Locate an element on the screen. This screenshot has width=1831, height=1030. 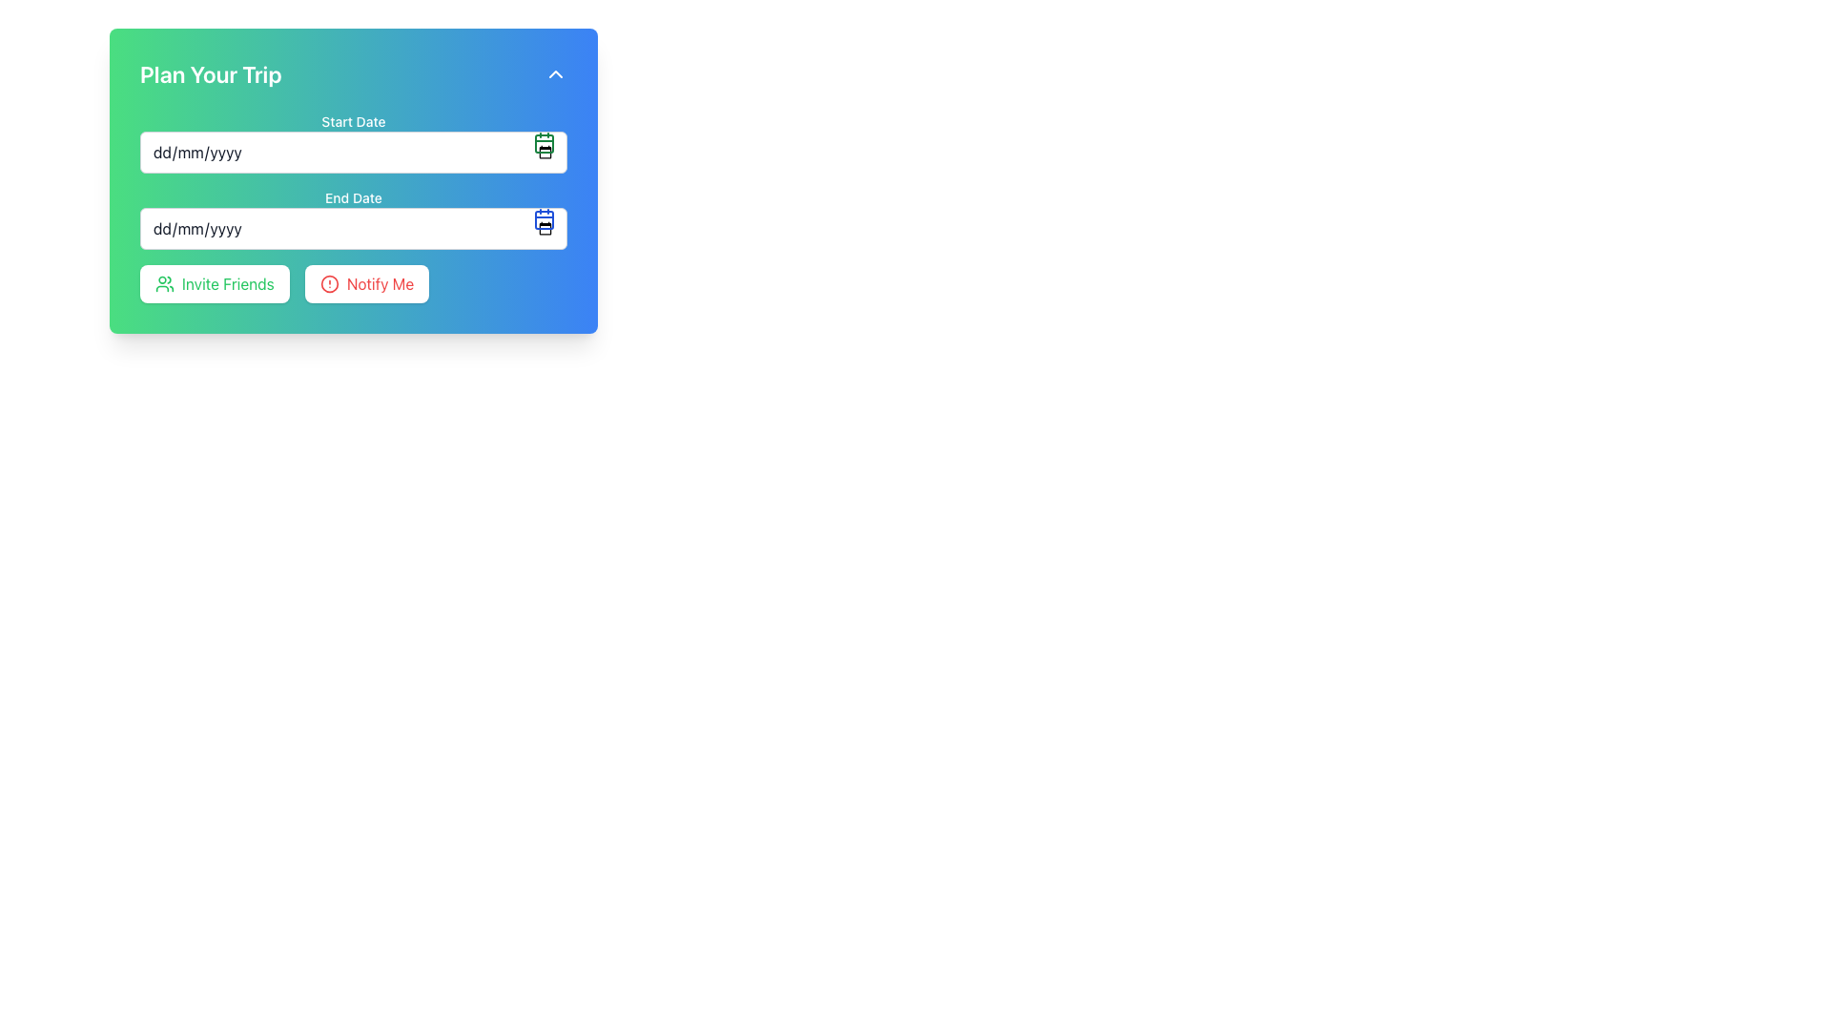
the calendar icon located on the right side of the 'Start Date' input field, which is a small square graphic with a green outline and a white interior is located at coordinates (544, 142).